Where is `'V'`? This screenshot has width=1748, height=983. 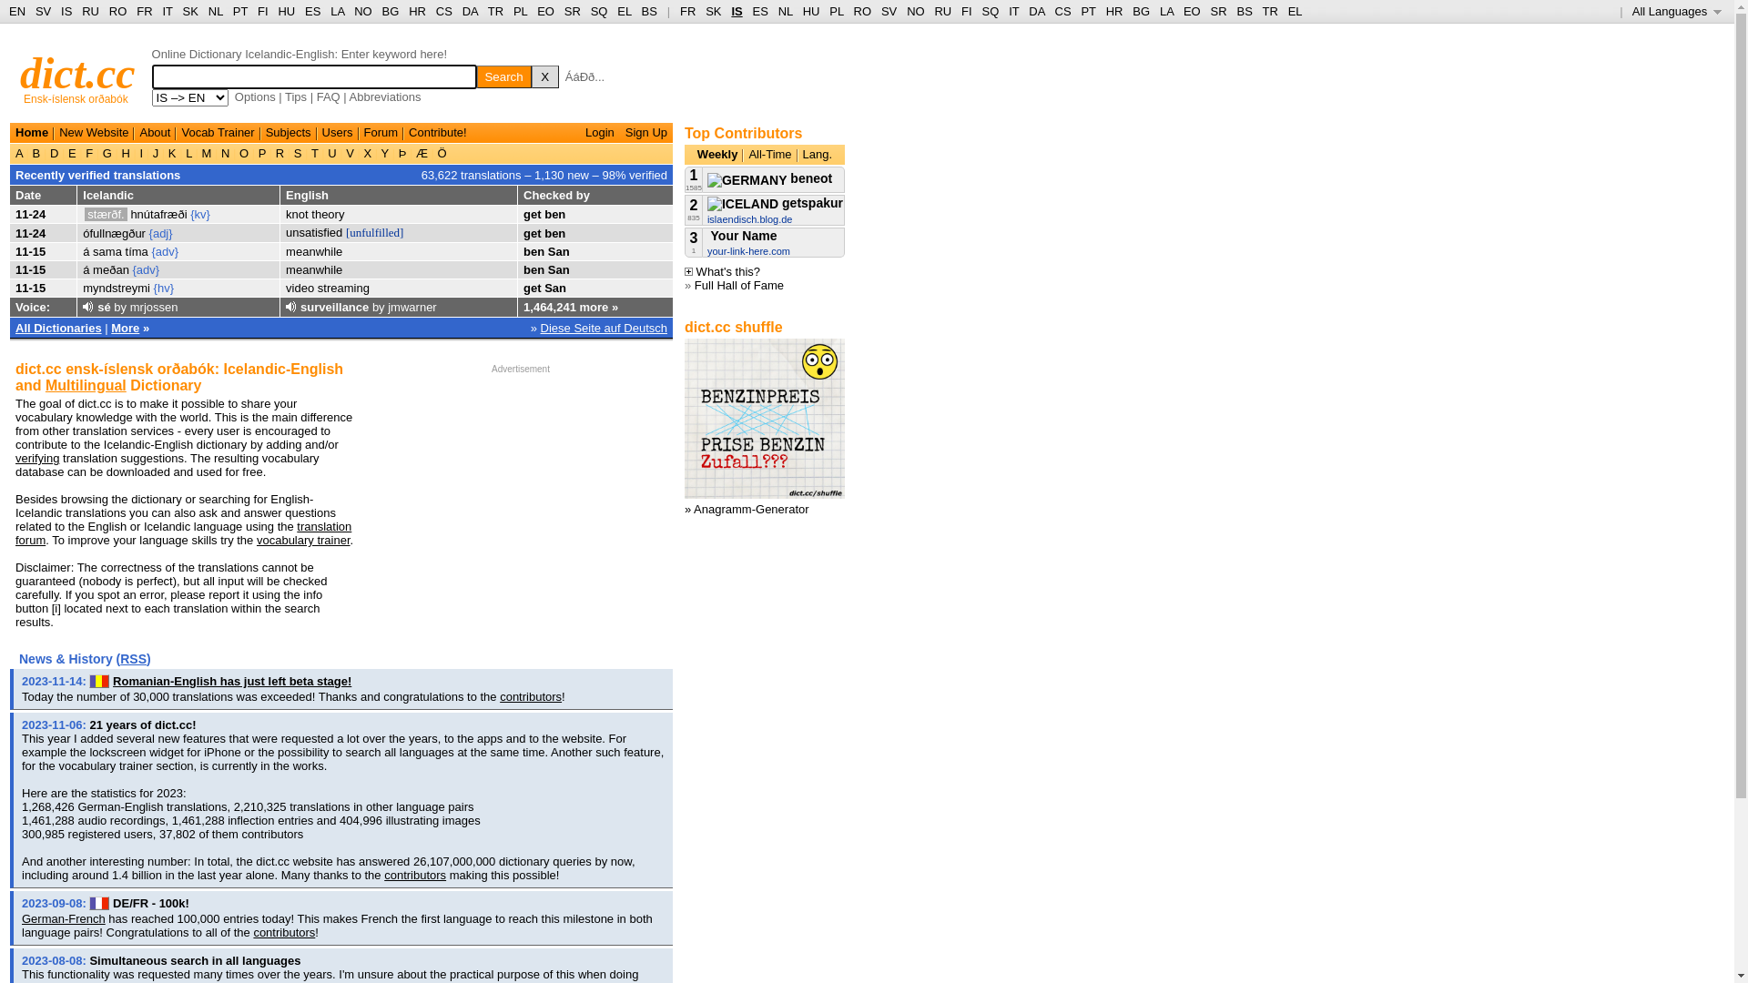 'V' is located at coordinates (350, 152).